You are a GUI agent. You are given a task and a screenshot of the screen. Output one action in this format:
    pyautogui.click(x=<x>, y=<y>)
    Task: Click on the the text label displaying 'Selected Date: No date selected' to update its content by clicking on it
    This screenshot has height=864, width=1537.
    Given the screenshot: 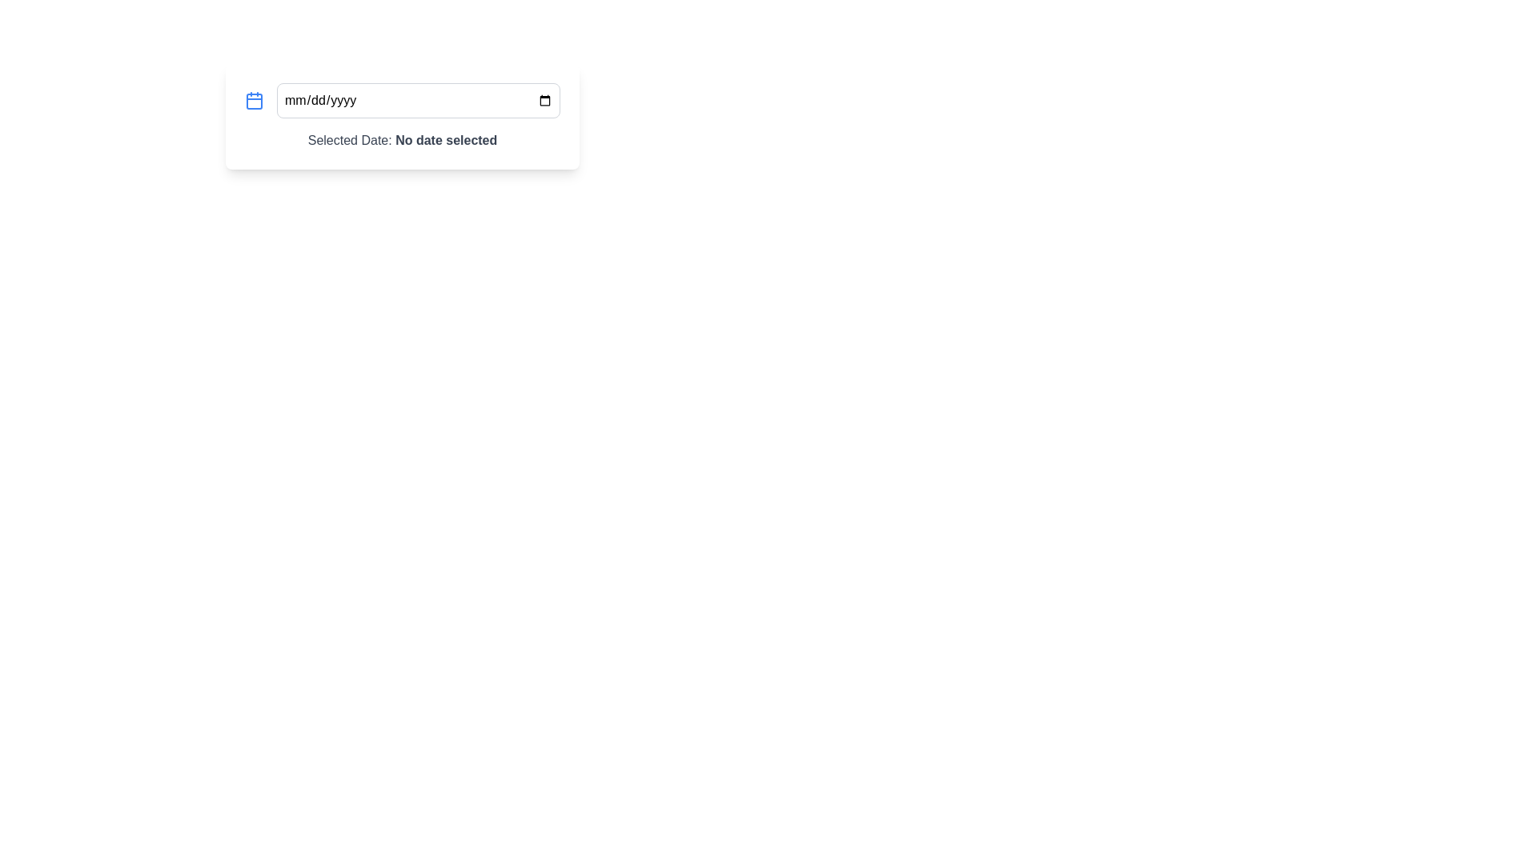 What is the action you would take?
    pyautogui.click(x=403, y=140)
    